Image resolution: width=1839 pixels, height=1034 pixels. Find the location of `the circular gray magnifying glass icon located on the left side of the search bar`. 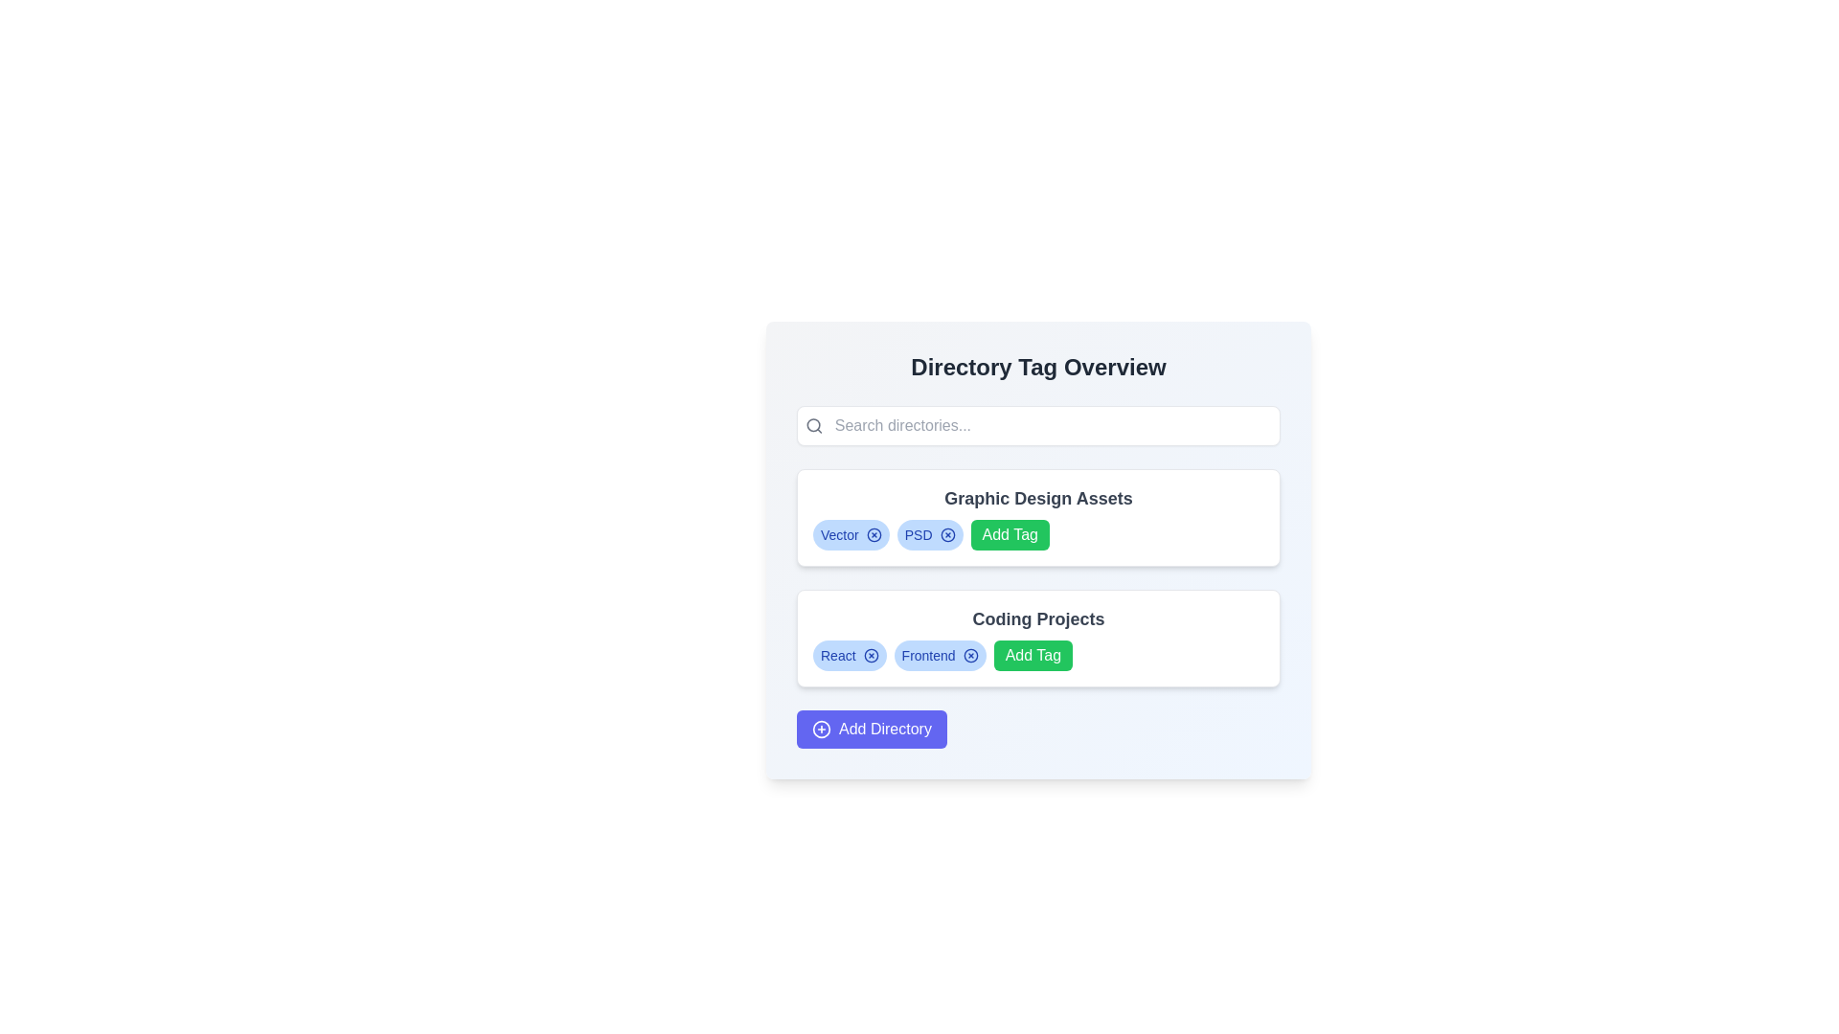

the circular gray magnifying glass icon located on the left side of the search bar is located at coordinates (814, 424).